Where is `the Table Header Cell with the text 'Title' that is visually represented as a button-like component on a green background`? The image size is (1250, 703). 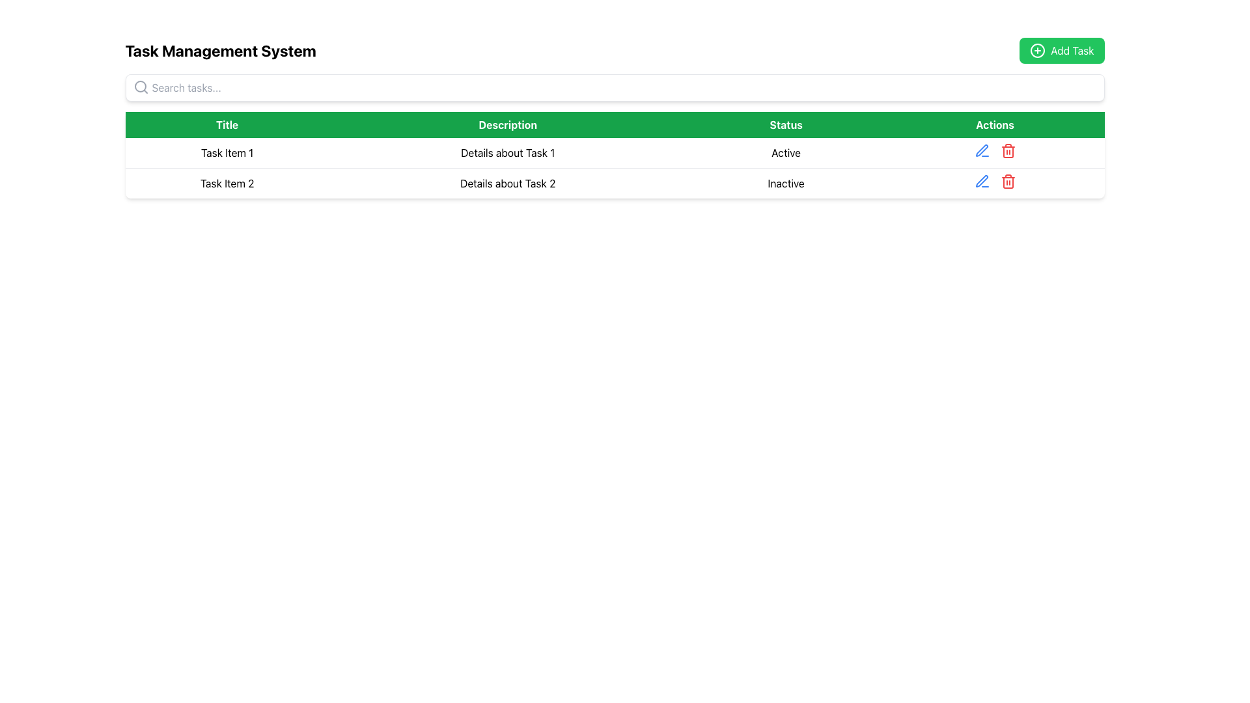 the Table Header Cell with the text 'Title' that is visually represented as a button-like component on a green background is located at coordinates (227, 125).